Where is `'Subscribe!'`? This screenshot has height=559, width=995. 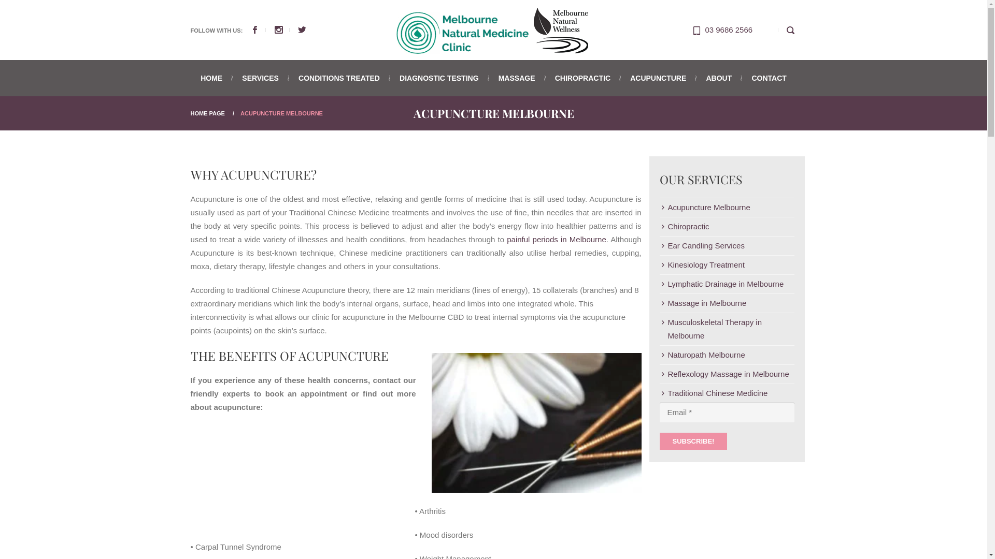 'Subscribe!' is located at coordinates (693, 441).